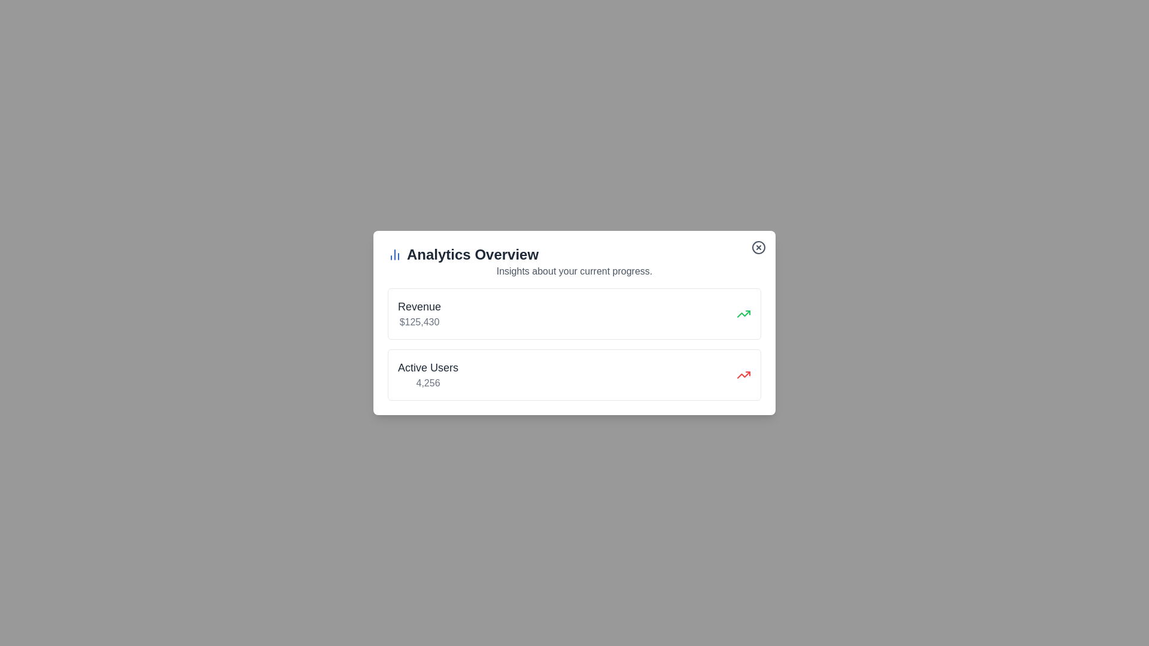 The width and height of the screenshot is (1149, 646). What do you see at coordinates (428, 374) in the screenshot?
I see `the Text information element that displays the current count of active users, located near the bottom of the list titled 'Active Users'` at bounding box center [428, 374].